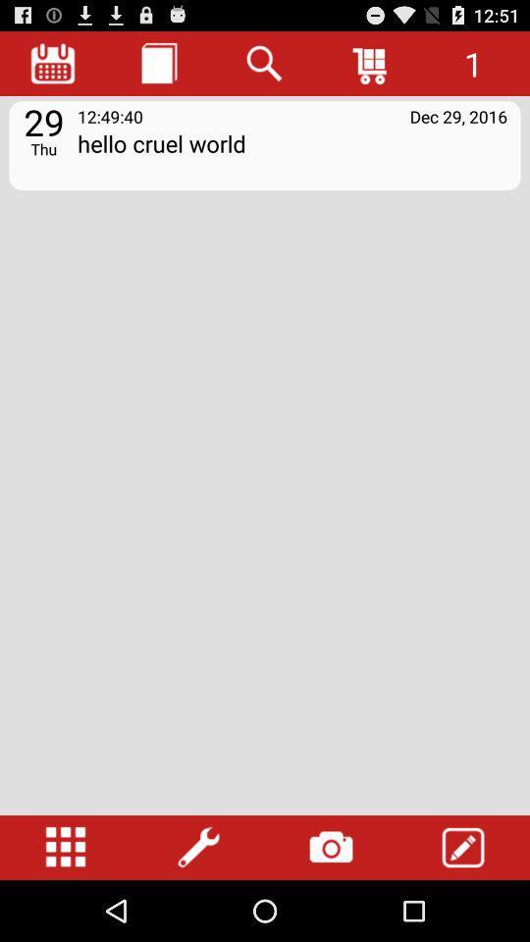 Image resolution: width=530 pixels, height=942 pixels. What do you see at coordinates (331, 847) in the screenshot?
I see `the item below the hello cruel world app` at bounding box center [331, 847].